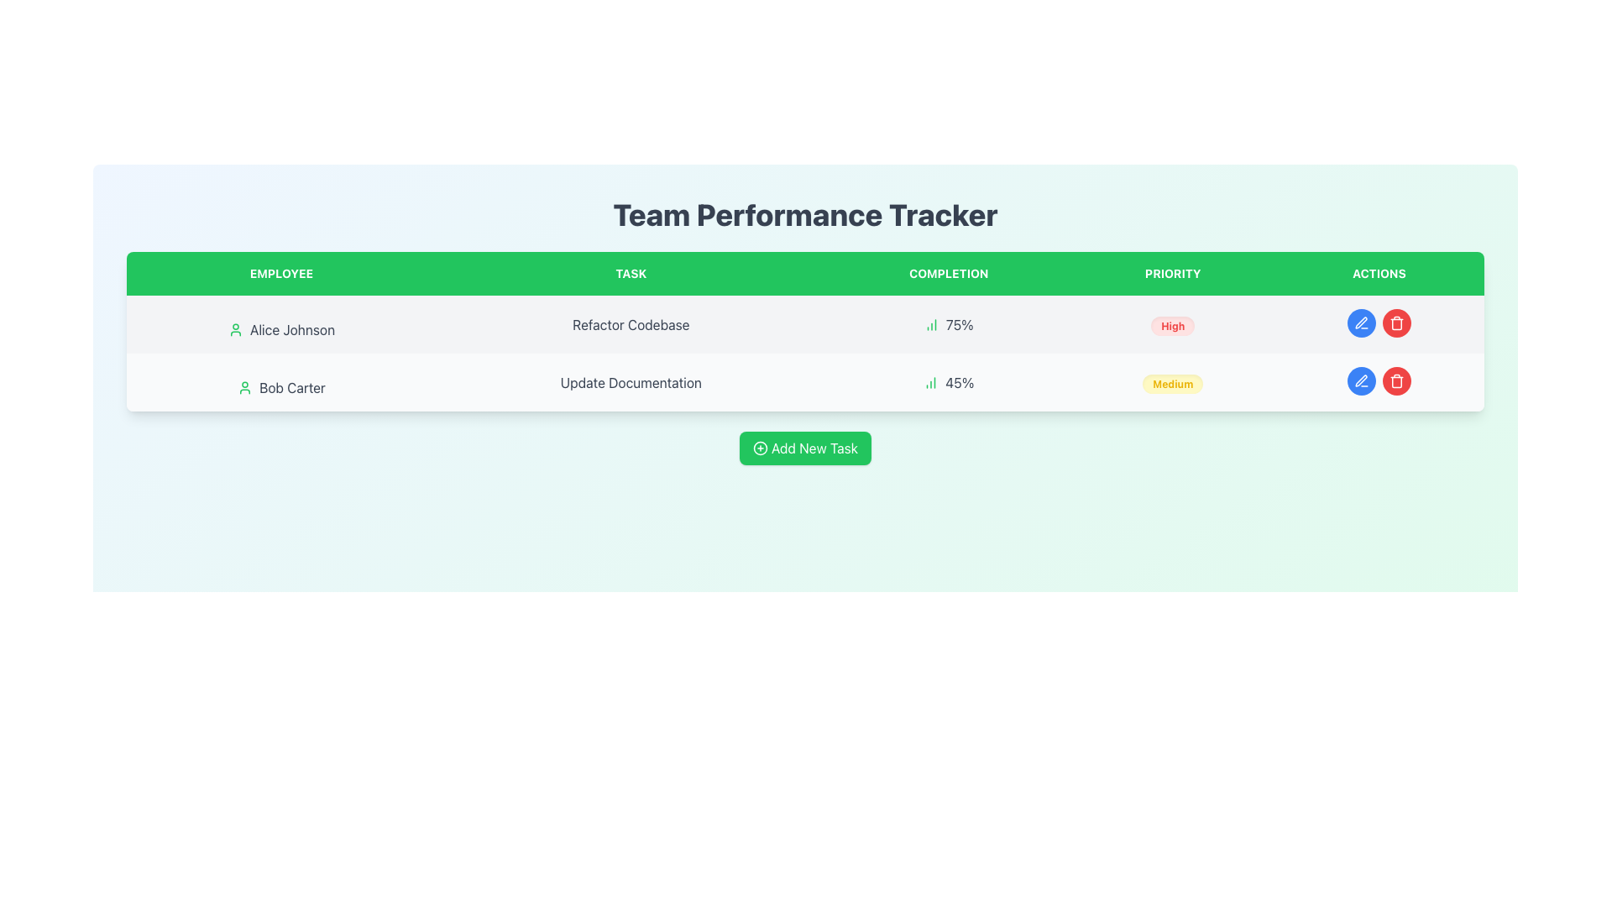 The width and height of the screenshot is (1612, 907). I want to click on the green user icon representing 'Bob Carter' located to the left of the name in the second row of the 'Employee' column, so click(244, 388).